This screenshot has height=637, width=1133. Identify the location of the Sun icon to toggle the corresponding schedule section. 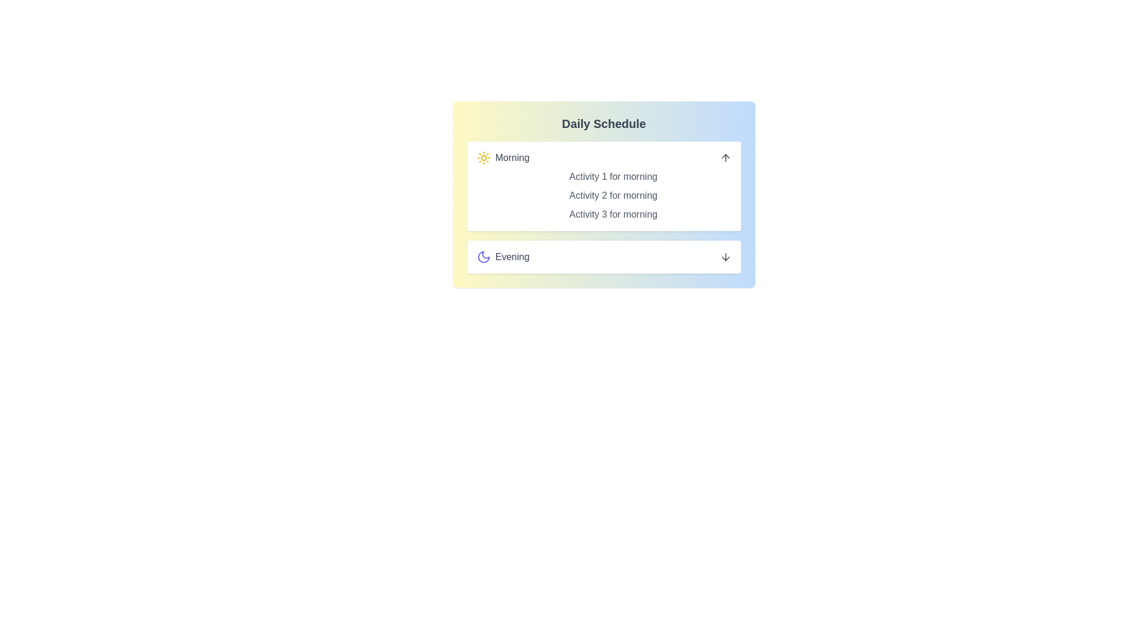
(483, 157).